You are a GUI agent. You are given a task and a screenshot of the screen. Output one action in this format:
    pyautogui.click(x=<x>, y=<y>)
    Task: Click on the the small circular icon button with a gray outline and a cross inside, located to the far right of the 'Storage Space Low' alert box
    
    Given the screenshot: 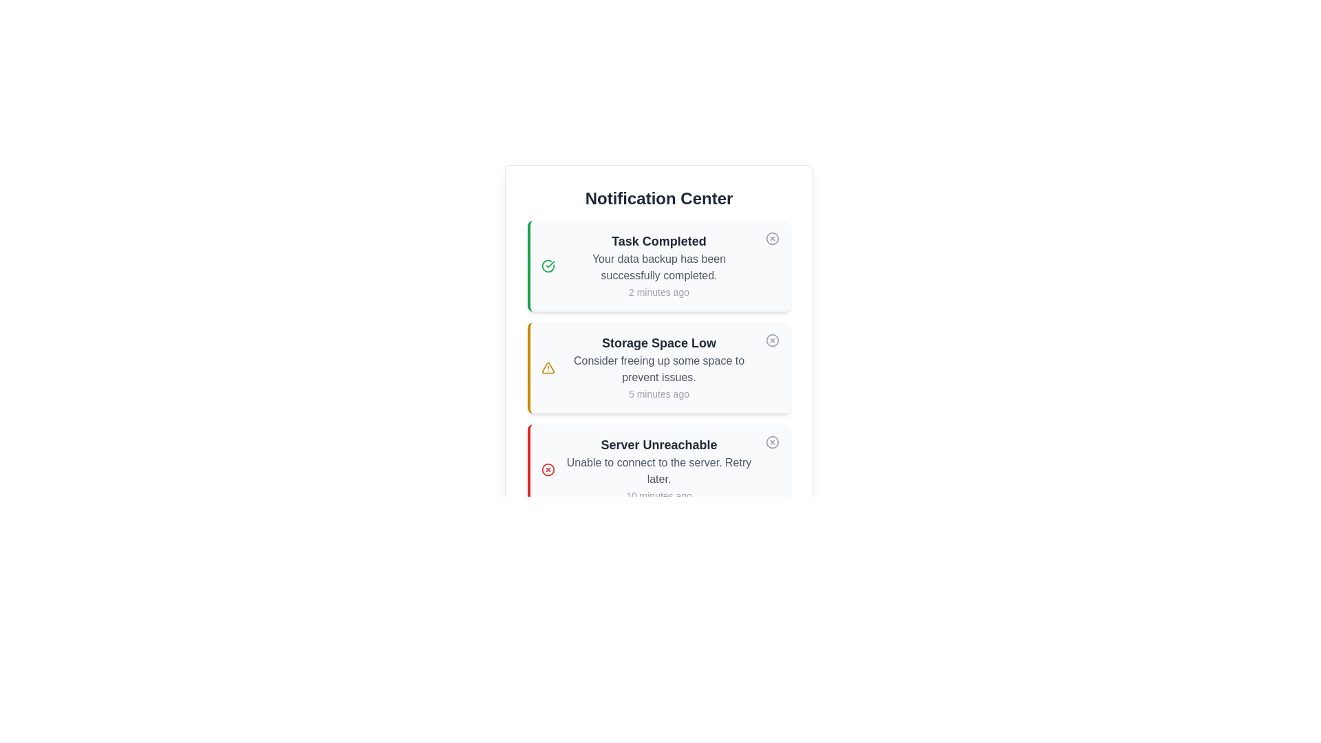 What is the action you would take?
    pyautogui.click(x=773, y=340)
    